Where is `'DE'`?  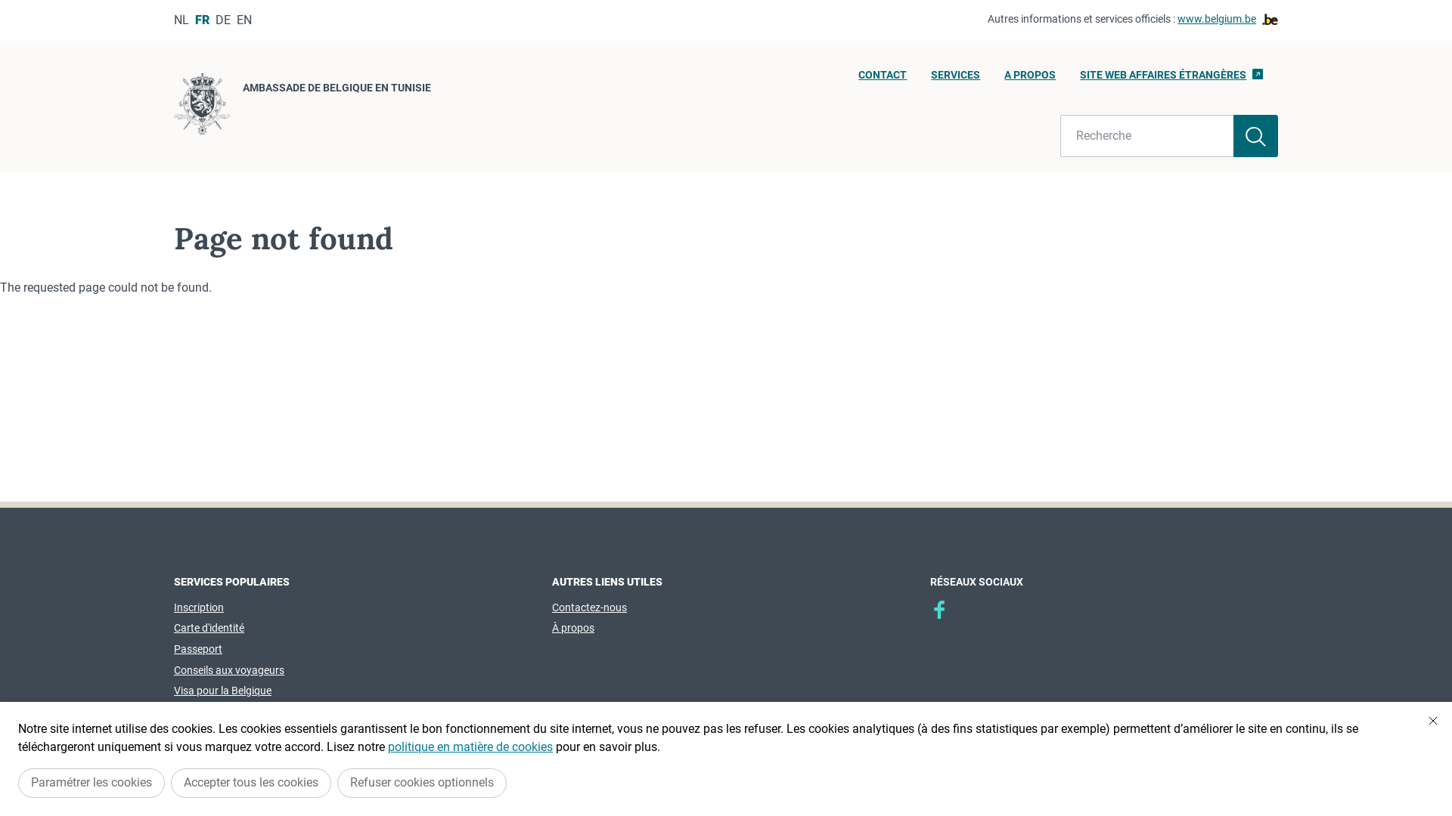
'DE' is located at coordinates (222, 20).